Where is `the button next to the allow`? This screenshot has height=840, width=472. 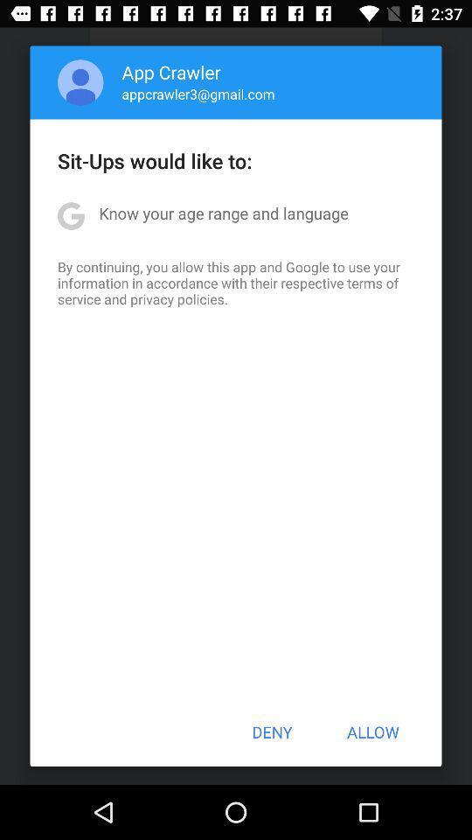 the button next to the allow is located at coordinates (272, 731).